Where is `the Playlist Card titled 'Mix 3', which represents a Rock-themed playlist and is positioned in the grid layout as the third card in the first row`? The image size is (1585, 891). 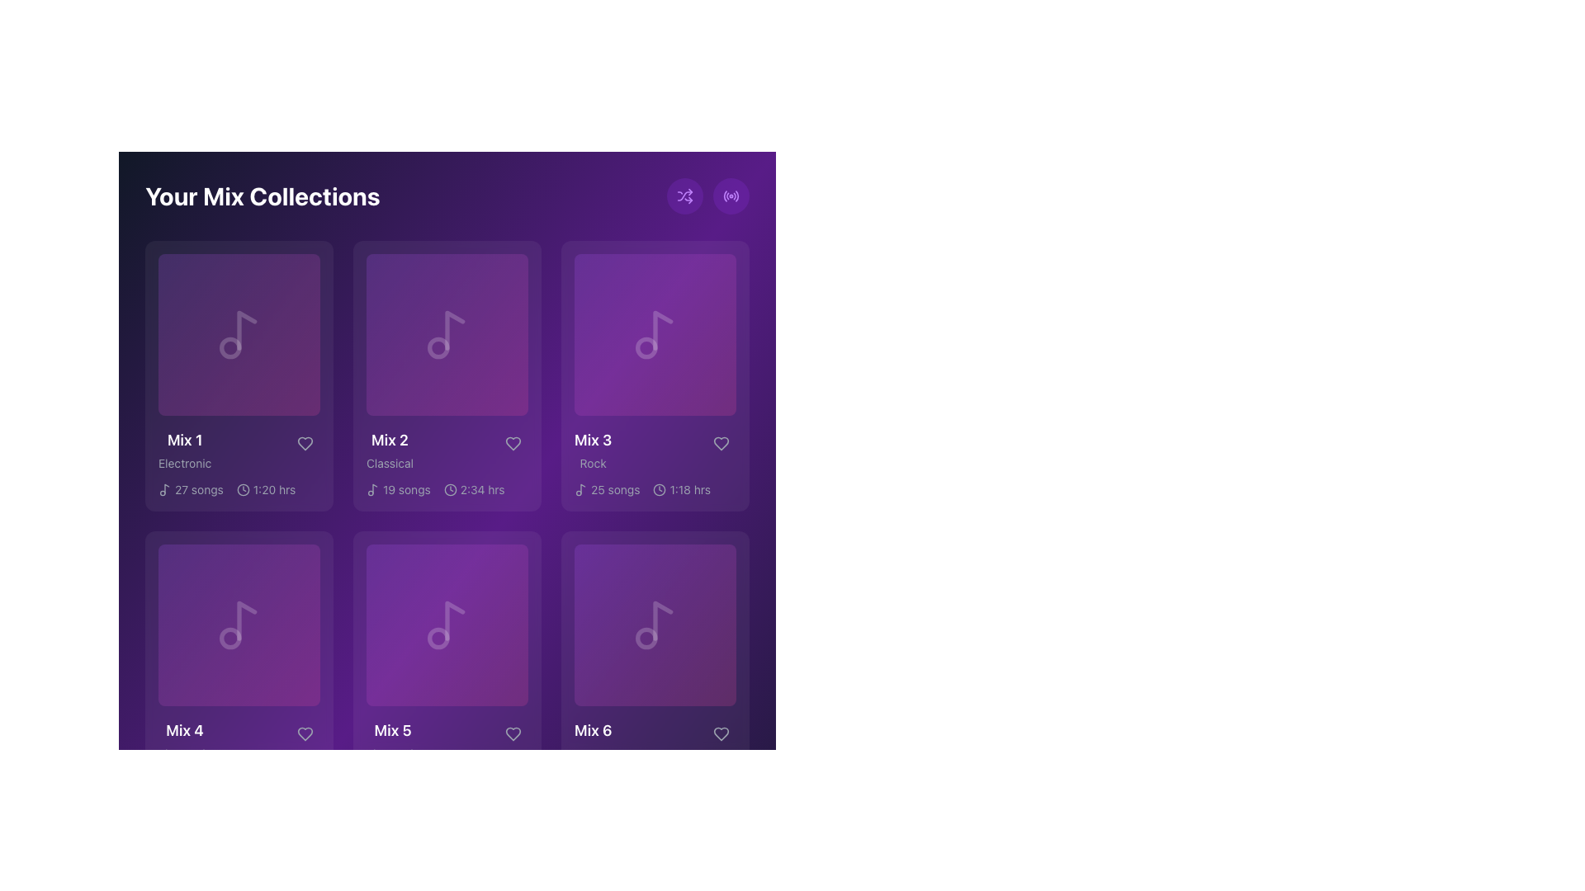 the Playlist Card titled 'Mix 3', which represents a Rock-themed playlist and is positioned in the grid layout as the third card in the first row is located at coordinates (654, 375).